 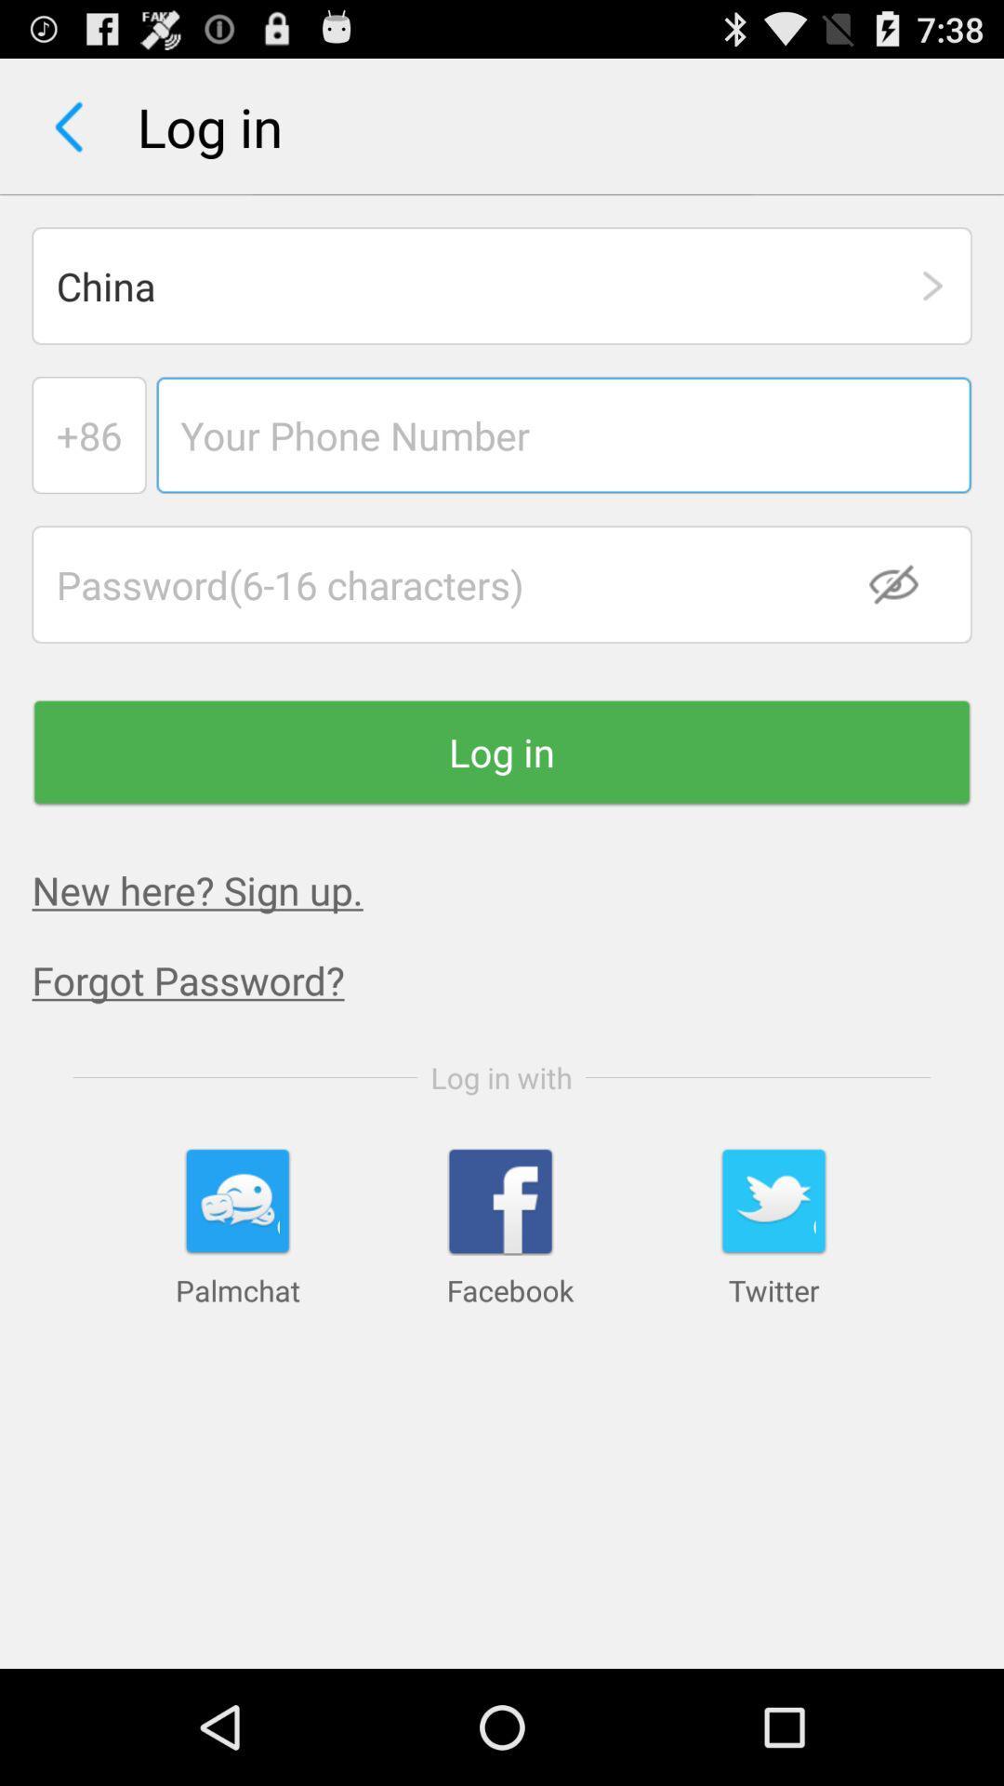 What do you see at coordinates (518, 979) in the screenshot?
I see `the app above the log in with icon` at bounding box center [518, 979].